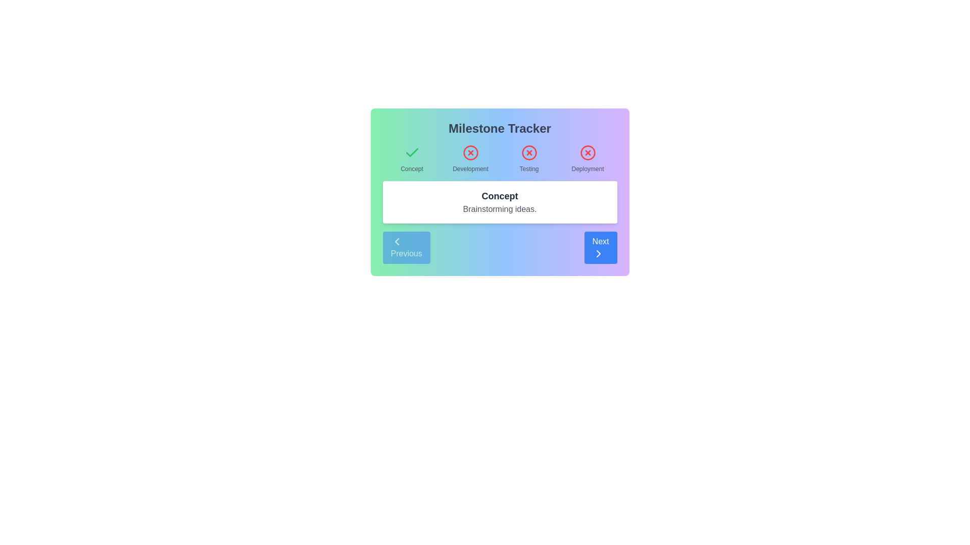  What do you see at coordinates (588, 153) in the screenshot?
I see `status indicator icon for the 'Deployment' milestone, which is the fourth icon in the horizontal series above the 'Deployment' label` at bounding box center [588, 153].